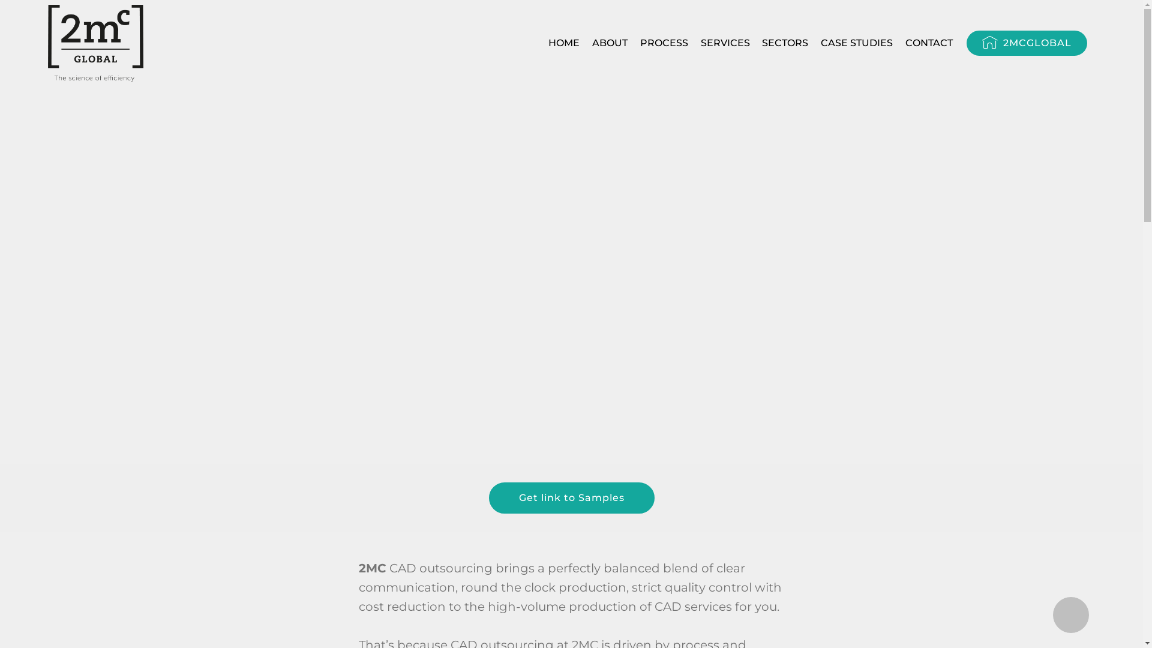 The image size is (1152, 648). I want to click on 'PROCESS', so click(664, 43).